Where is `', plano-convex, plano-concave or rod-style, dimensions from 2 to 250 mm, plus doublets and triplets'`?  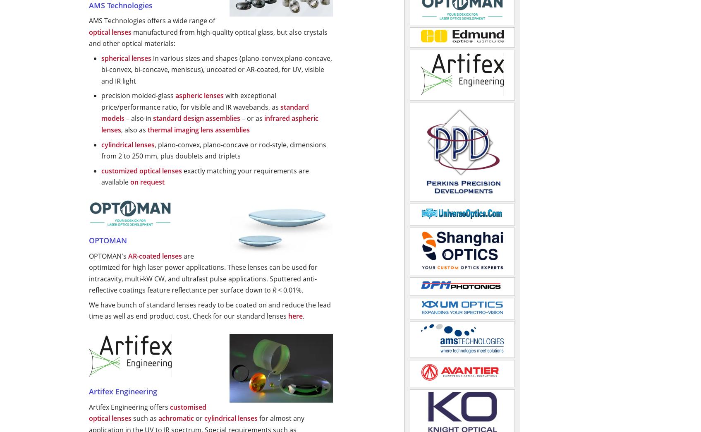
', plano-convex, plano-concave or rod-style, dimensions from 2 to 250 mm, plus doublets and triplets' is located at coordinates (213, 150).